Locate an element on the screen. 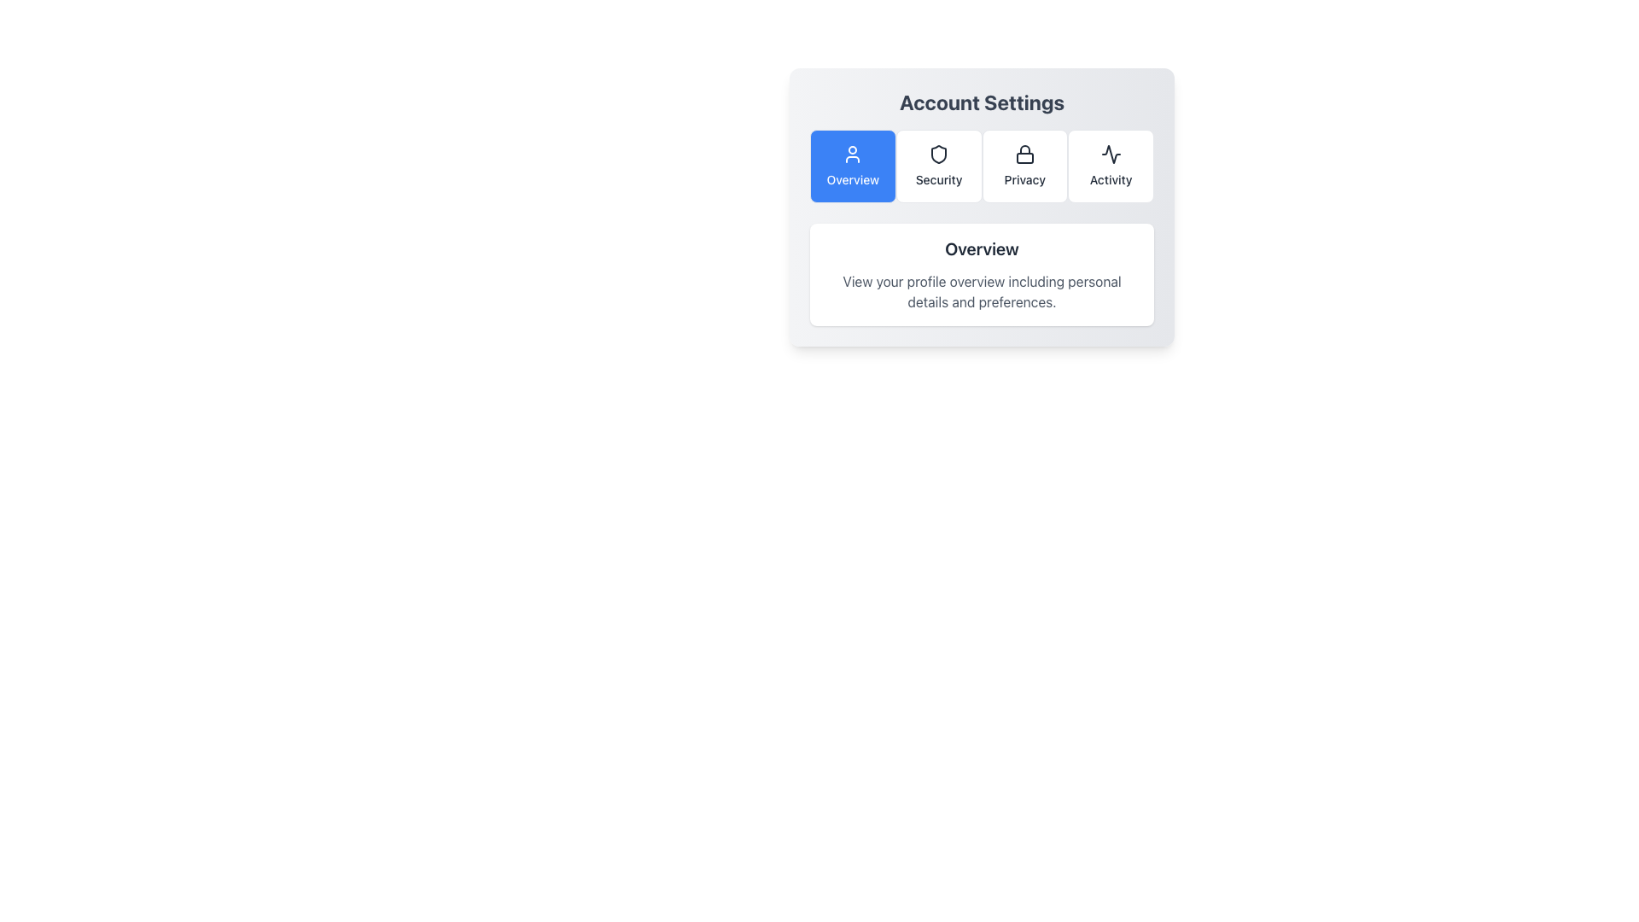 Image resolution: width=1639 pixels, height=922 pixels. the 'Privacy' button, which is a rectangular button with a light background, rounded corners, a lock icon at the top, and the label 'Privacy' in dark font is located at coordinates (1024, 166).